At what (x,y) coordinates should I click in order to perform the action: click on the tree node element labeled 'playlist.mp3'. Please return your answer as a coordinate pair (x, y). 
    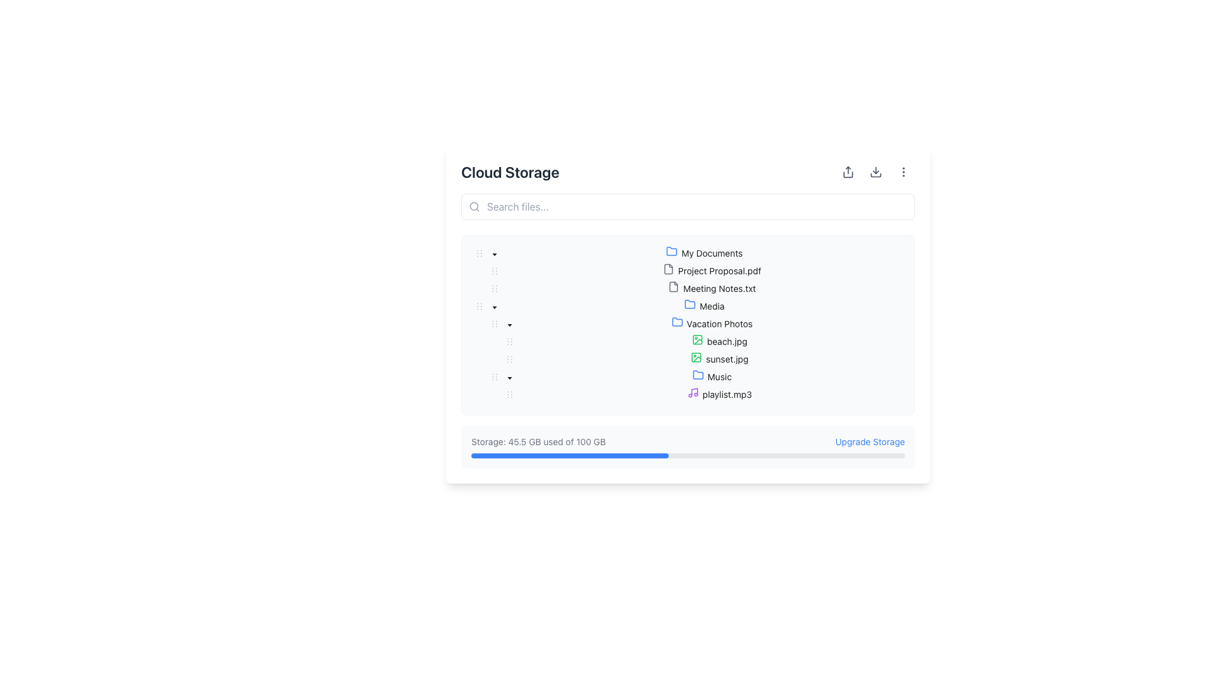
    Looking at the image, I should click on (720, 393).